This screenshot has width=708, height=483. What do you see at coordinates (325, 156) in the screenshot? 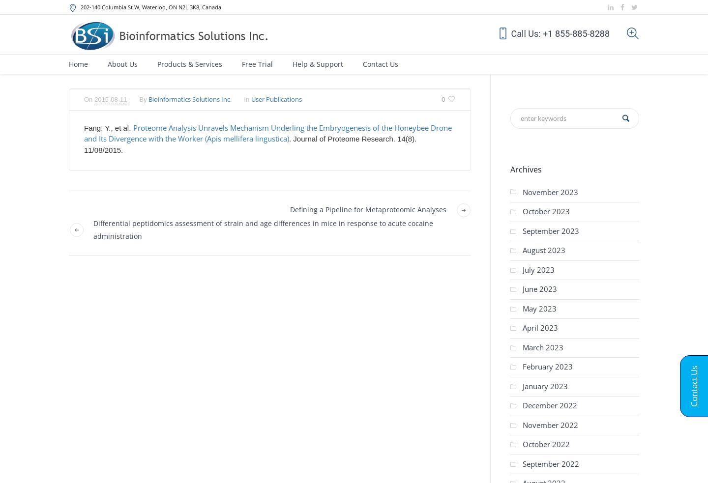
I see `'Database Search Scoring'` at bounding box center [325, 156].